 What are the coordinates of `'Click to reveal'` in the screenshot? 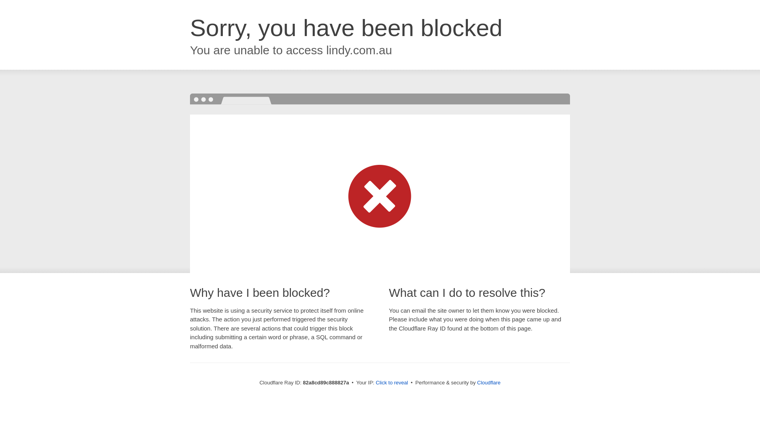 It's located at (391, 382).